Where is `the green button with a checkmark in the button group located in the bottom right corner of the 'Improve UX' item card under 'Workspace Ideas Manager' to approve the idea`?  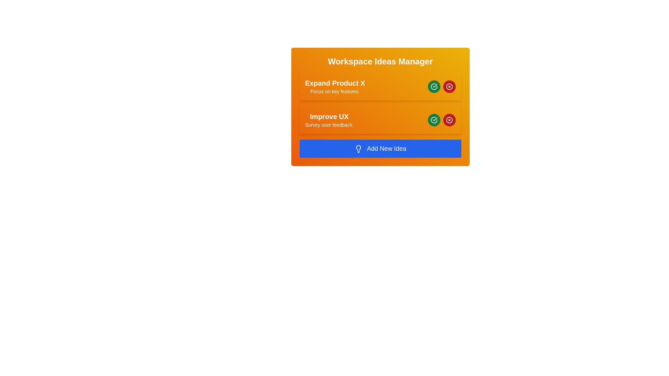 the green button with a checkmark in the button group located in the bottom right corner of the 'Improve UX' item card under 'Workspace Ideas Manager' to approve the idea is located at coordinates (441, 119).